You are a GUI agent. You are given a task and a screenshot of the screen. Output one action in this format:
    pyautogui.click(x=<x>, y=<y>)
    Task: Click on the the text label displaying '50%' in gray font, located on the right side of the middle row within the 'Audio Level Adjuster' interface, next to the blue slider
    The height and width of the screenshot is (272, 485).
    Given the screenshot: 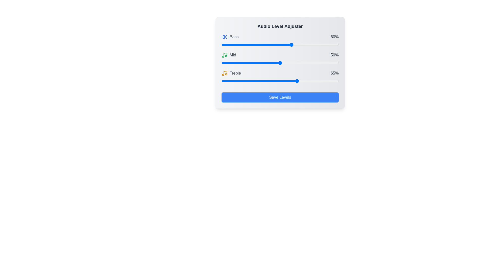 What is the action you would take?
    pyautogui.click(x=334, y=55)
    